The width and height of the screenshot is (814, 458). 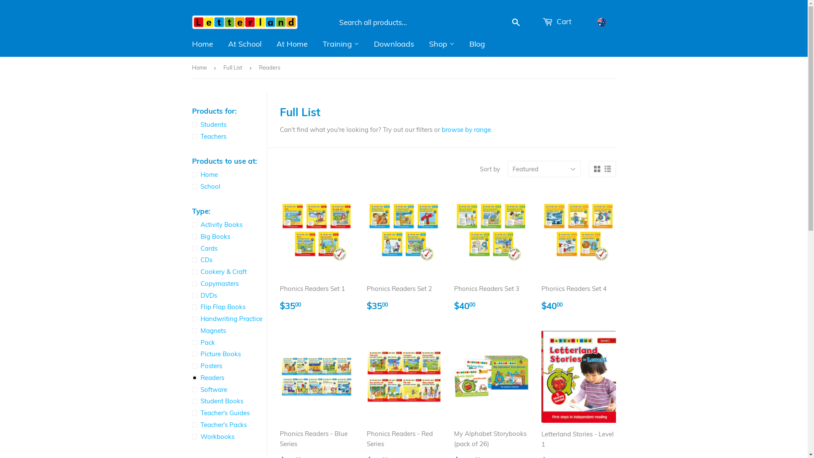 I want to click on 'Downloads', so click(x=393, y=44).